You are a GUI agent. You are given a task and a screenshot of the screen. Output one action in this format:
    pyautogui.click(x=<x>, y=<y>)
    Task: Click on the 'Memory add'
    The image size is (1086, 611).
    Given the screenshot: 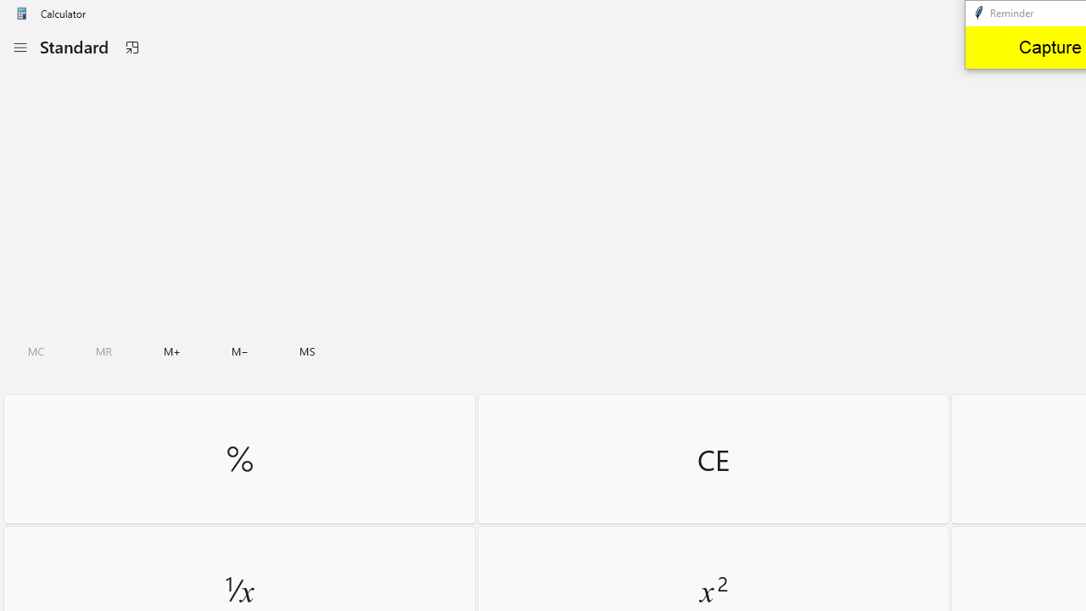 What is the action you would take?
    pyautogui.click(x=171, y=350)
    